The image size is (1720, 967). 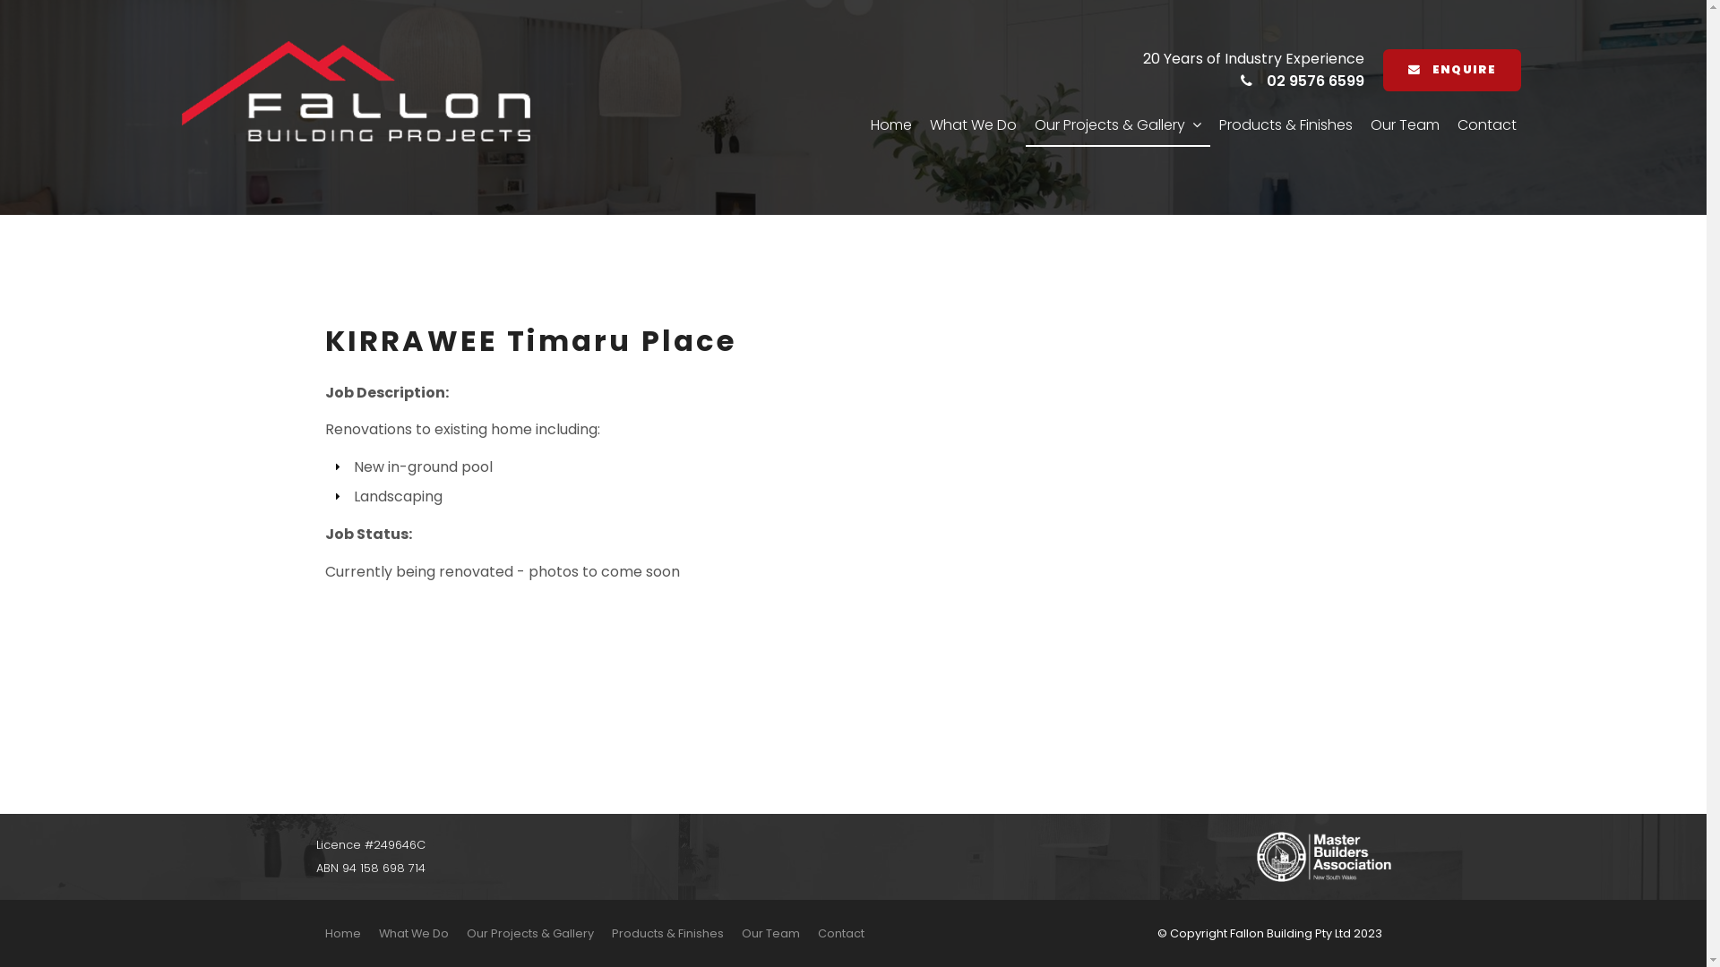 I want to click on 'Our Team', so click(x=770, y=932).